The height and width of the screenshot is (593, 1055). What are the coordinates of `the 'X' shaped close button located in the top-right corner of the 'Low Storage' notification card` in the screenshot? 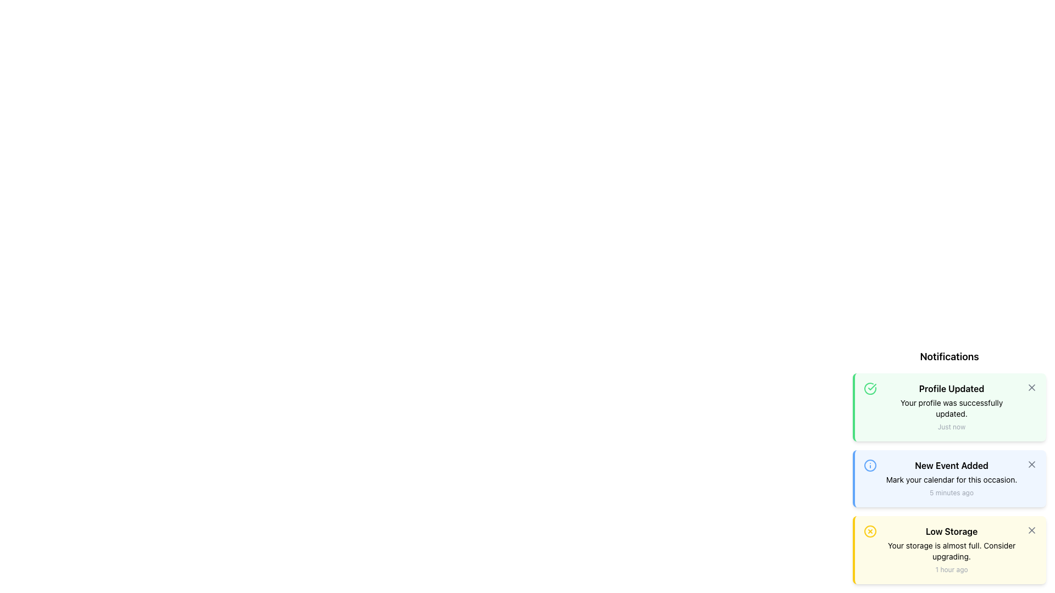 It's located at (1031, 529).